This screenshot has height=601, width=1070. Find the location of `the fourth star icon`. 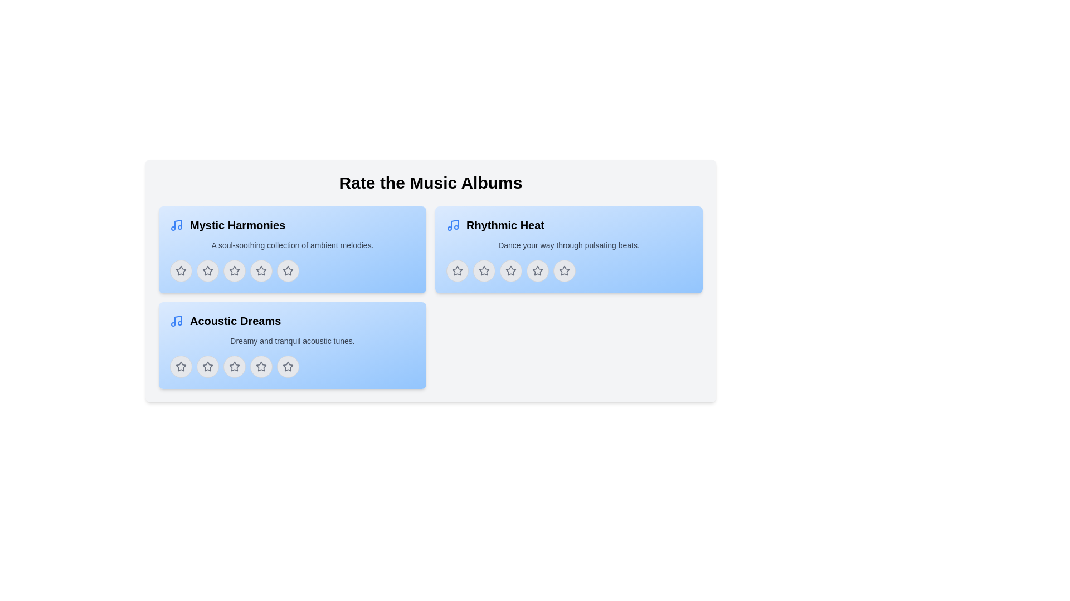

the fourth star icon is located at coordinates (261, 366).